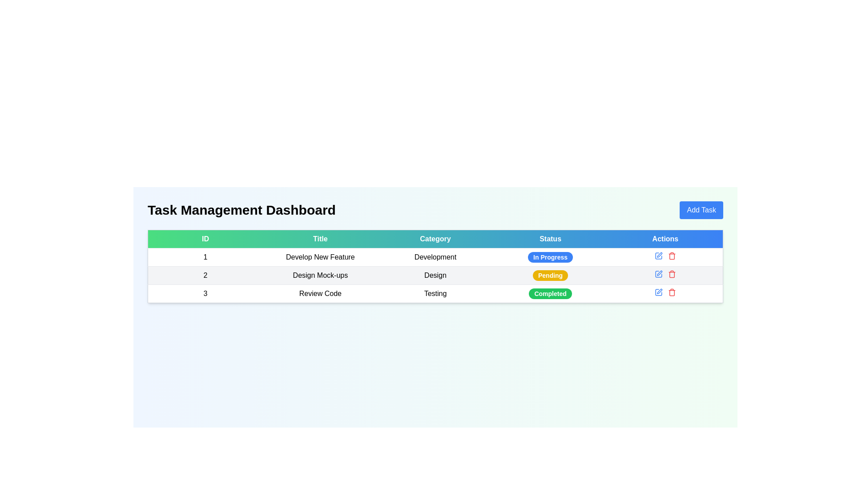 This screenshot has height=480, width=854. What do you see at coordinates (658, 274) in the screenshot?
I see `the icon in the 'Actions' column of the task management table, adjacent to the yellow 'Pending' status label for the task 'Design Mock-ups'` at bounding box center [658, 274].